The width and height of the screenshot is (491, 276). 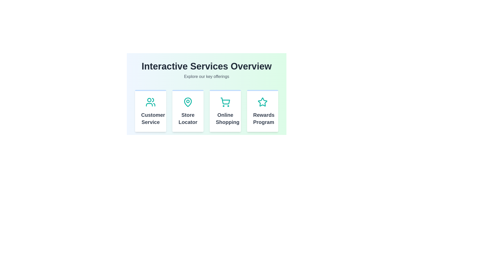 What do you see at coordinates (149, 100) in the screenshot?
I see `the decorative vector circle component that is part of the SVG illustration representing a group of users, located at the upper-left region of the group icon` at bounding box center [149, 100].